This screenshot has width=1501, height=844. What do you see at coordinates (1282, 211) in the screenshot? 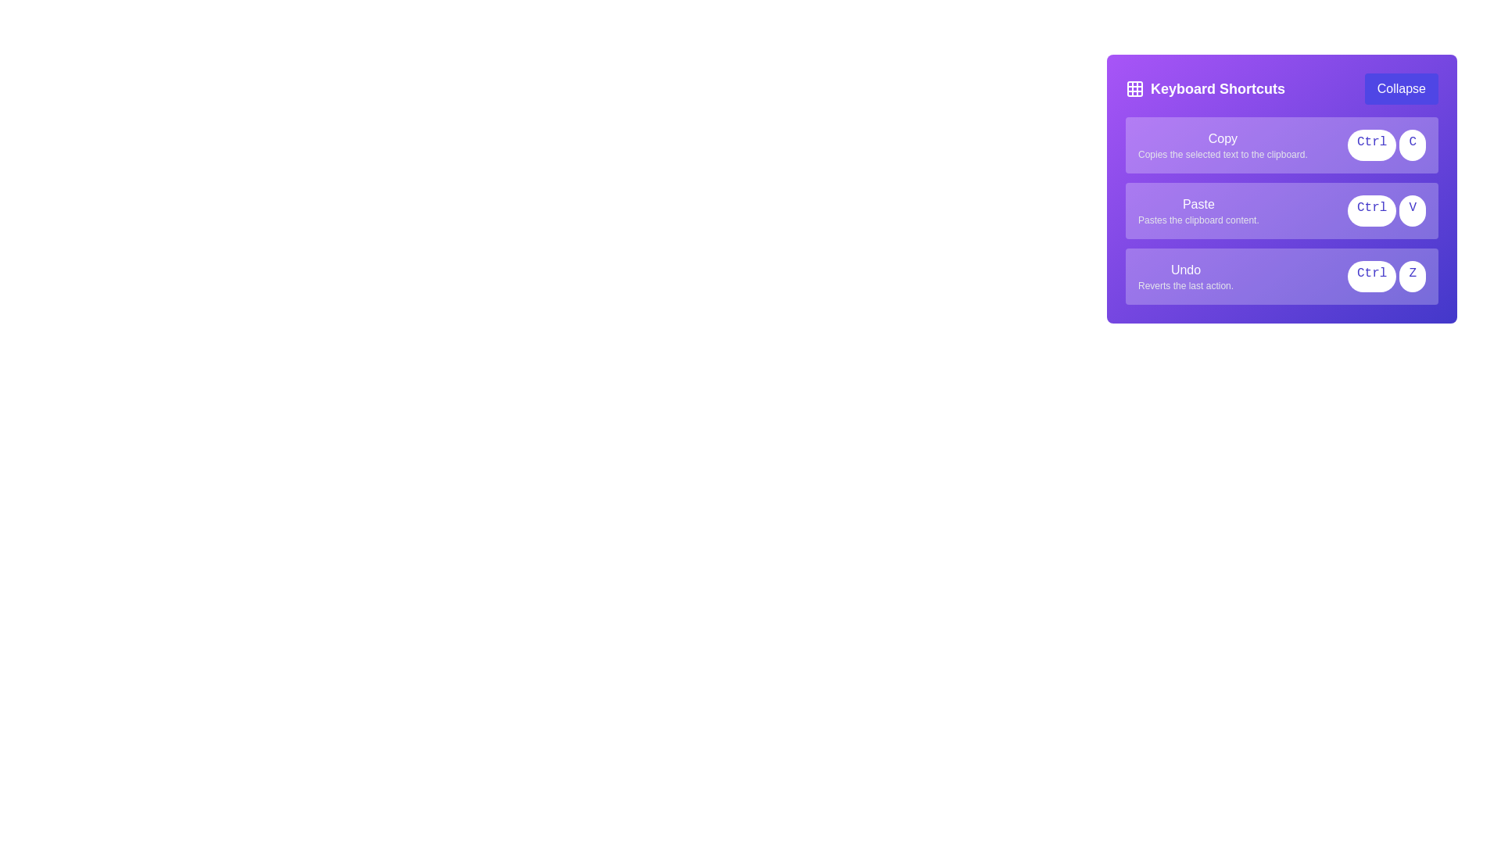
I see `description of the informational card labeled 'Paste' which contains the phrase 'Pastes the clipboard content.' and is positioned within the 'Keyboard Shortcuts' panel` at bounding box center [1282, 211].